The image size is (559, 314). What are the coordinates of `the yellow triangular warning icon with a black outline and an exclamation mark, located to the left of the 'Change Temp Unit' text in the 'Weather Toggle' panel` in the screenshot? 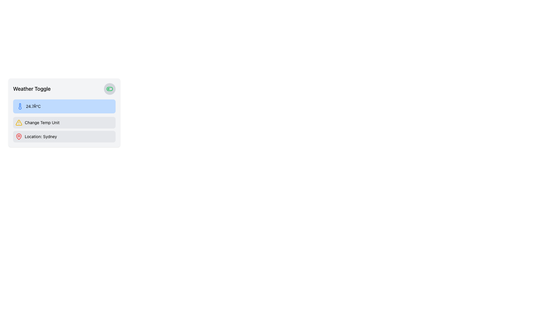 It's located at (19, 122).